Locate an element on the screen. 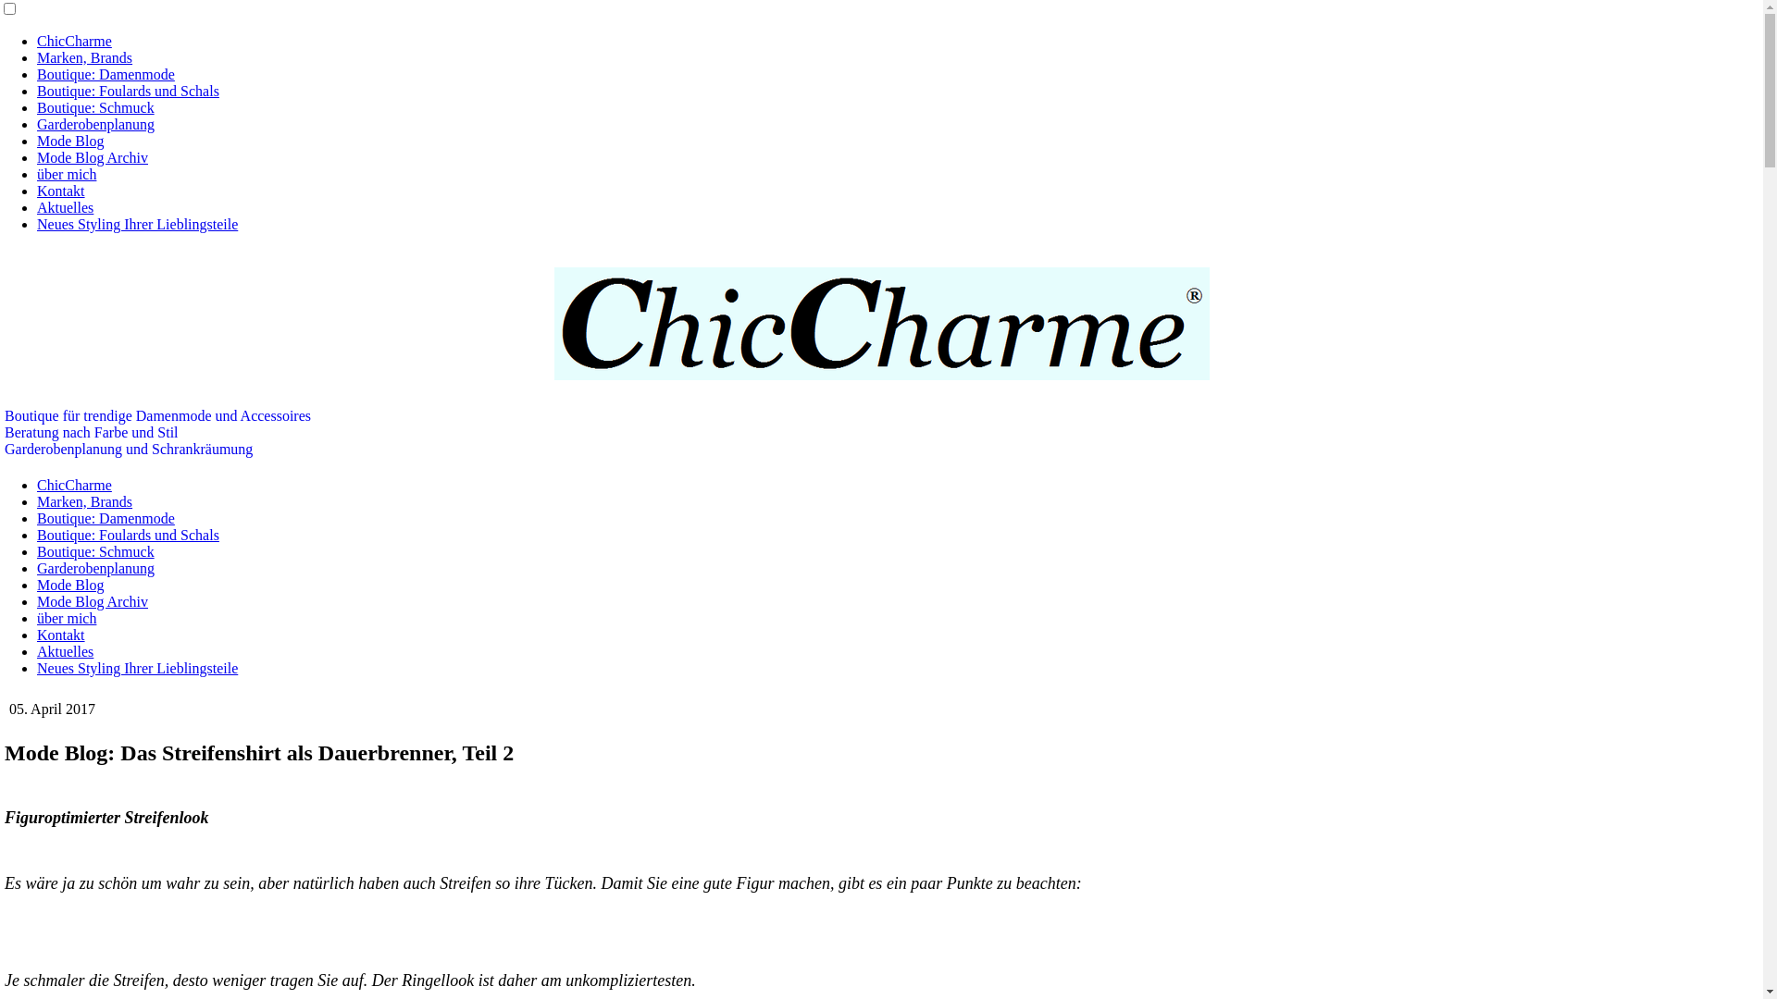 The height and width of the screenshot is (999, 1777). 'Boutique: Foulards und Schals' is located at coordinates (127, 91).